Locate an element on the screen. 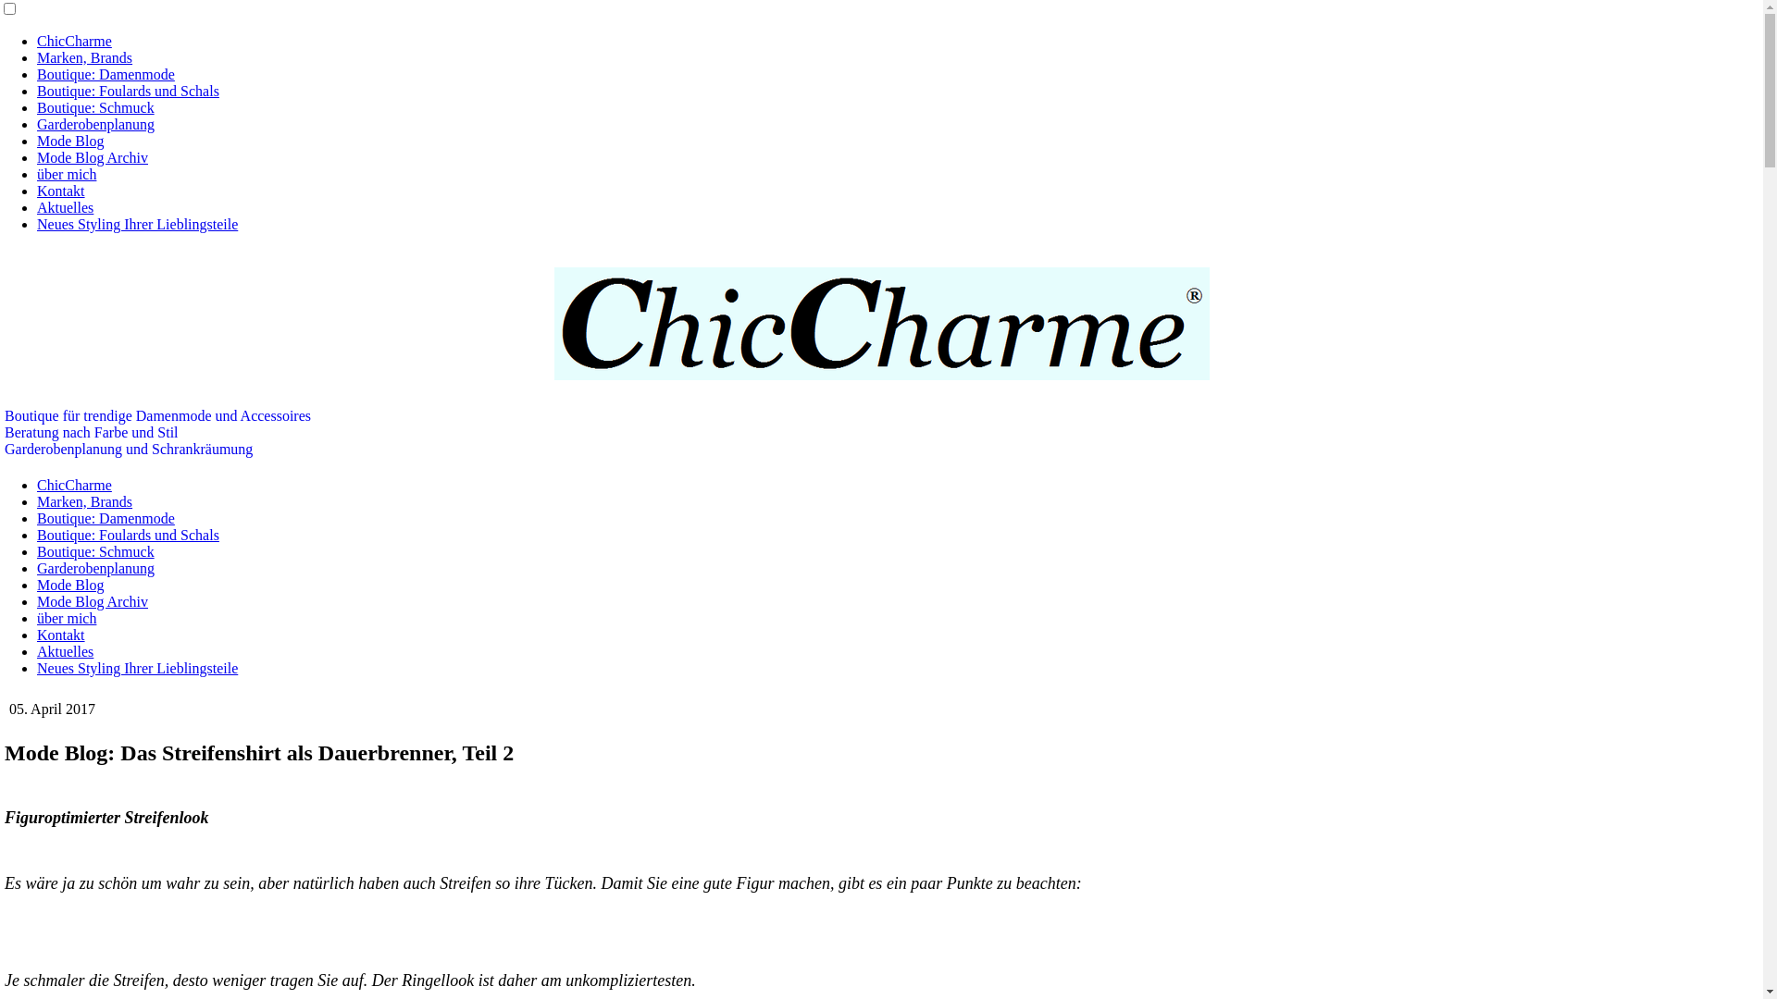 The height and width of the screenshot is (999, 1777). 'Boutique: Foulards und Schals' is located at coordinates (127, 91).